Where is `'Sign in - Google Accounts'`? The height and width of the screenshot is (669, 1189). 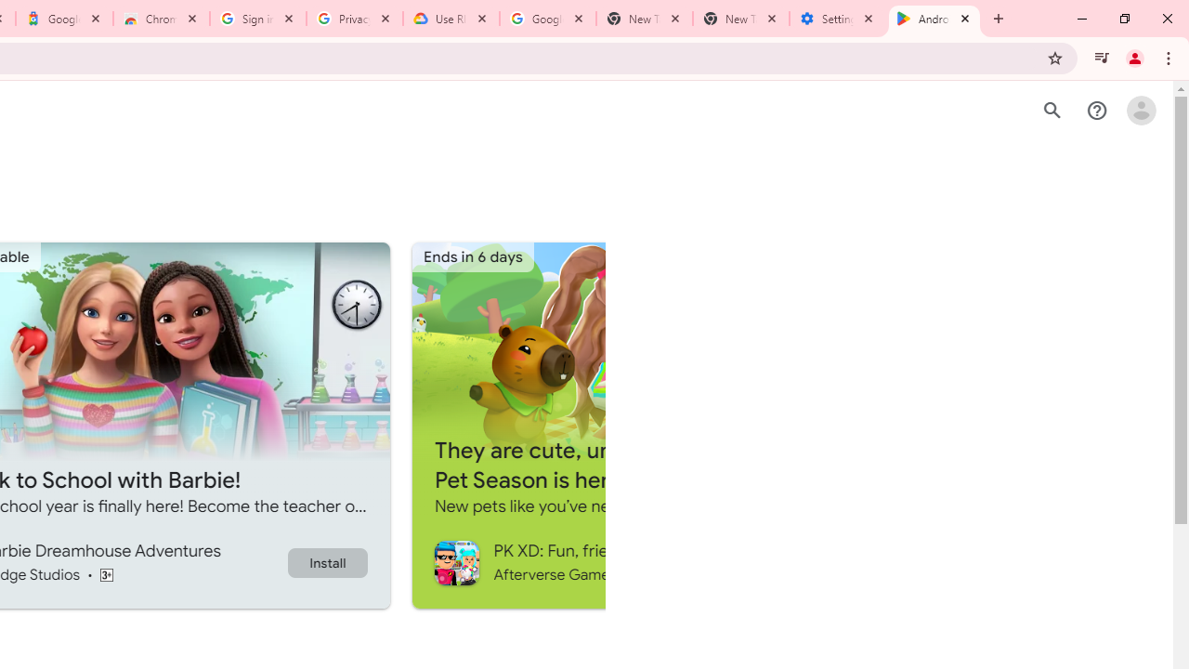 'Sign in - Google Accounts' is located at coordinates (257, 19).